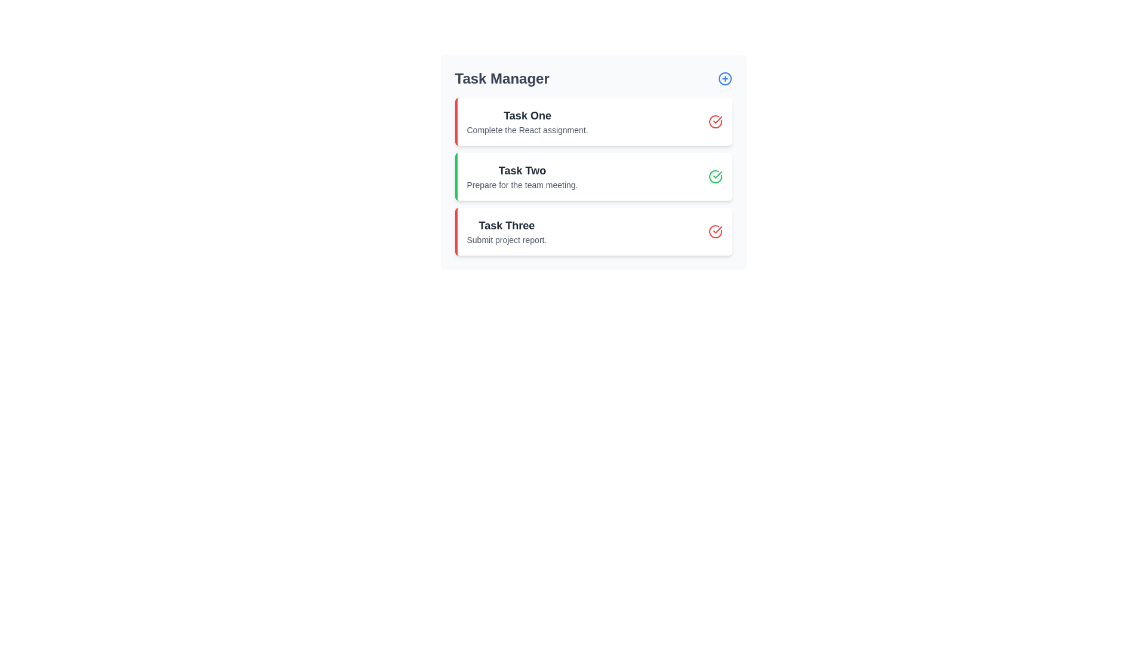 This screenshot has height=645, width=1147. I want to click on task details of the third task item in the Task Manager list, located below 'Task One' and 'Task Two' and to the left of the interactive red checkmark icon, so click(507, 232).